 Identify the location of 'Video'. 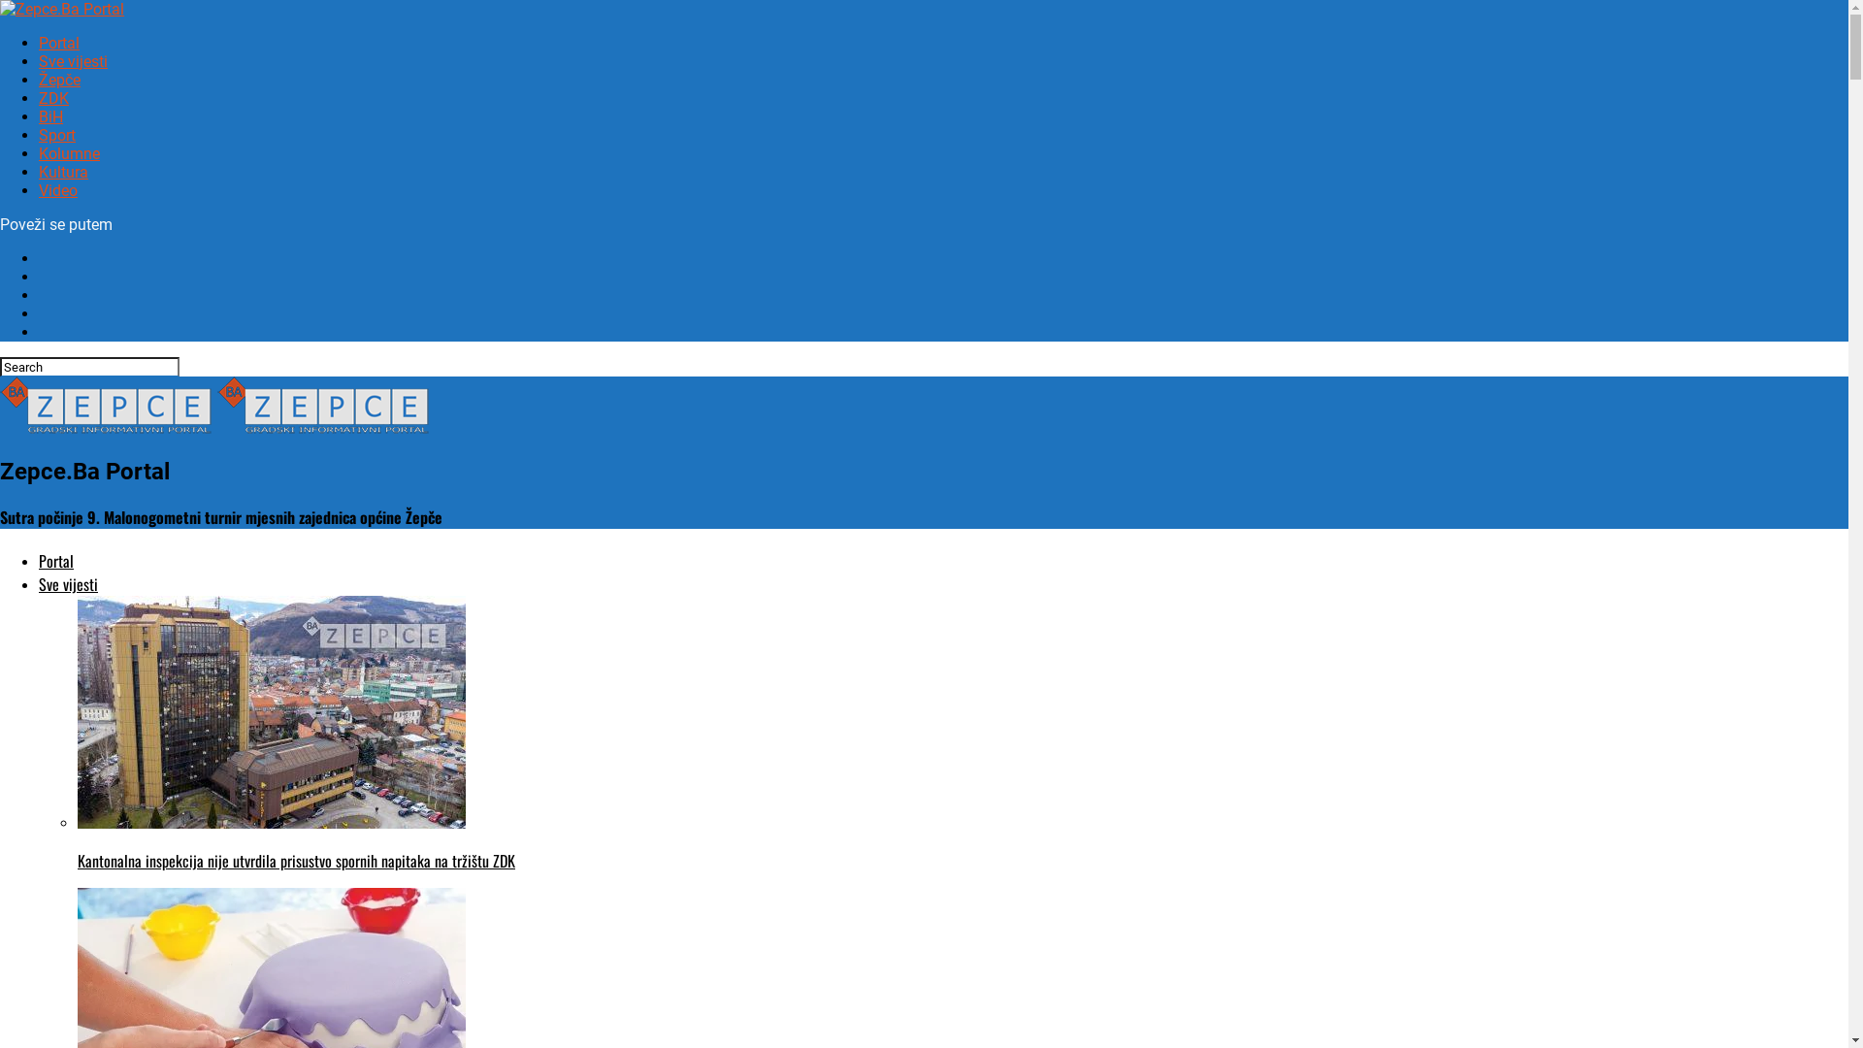
(57, 190).